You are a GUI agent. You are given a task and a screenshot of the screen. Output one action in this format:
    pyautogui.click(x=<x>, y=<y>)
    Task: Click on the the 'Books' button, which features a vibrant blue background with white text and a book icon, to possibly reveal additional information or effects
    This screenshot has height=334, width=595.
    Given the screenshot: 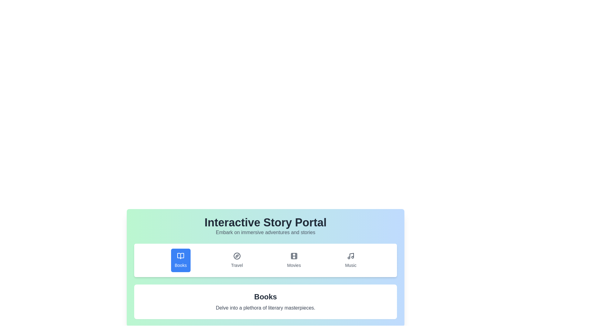 What is the action you would take?
    pyautogui.click(x=180, y=260)
    